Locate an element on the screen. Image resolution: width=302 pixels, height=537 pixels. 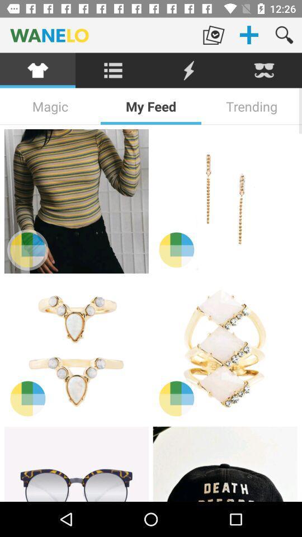
clothing option is located at coordinates (37, 70).